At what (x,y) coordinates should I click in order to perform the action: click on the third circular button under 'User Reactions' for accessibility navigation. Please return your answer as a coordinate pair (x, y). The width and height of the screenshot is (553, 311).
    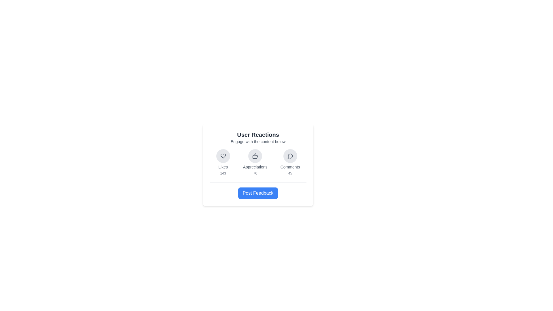
    Looking at the image, I should click on (290, 156).